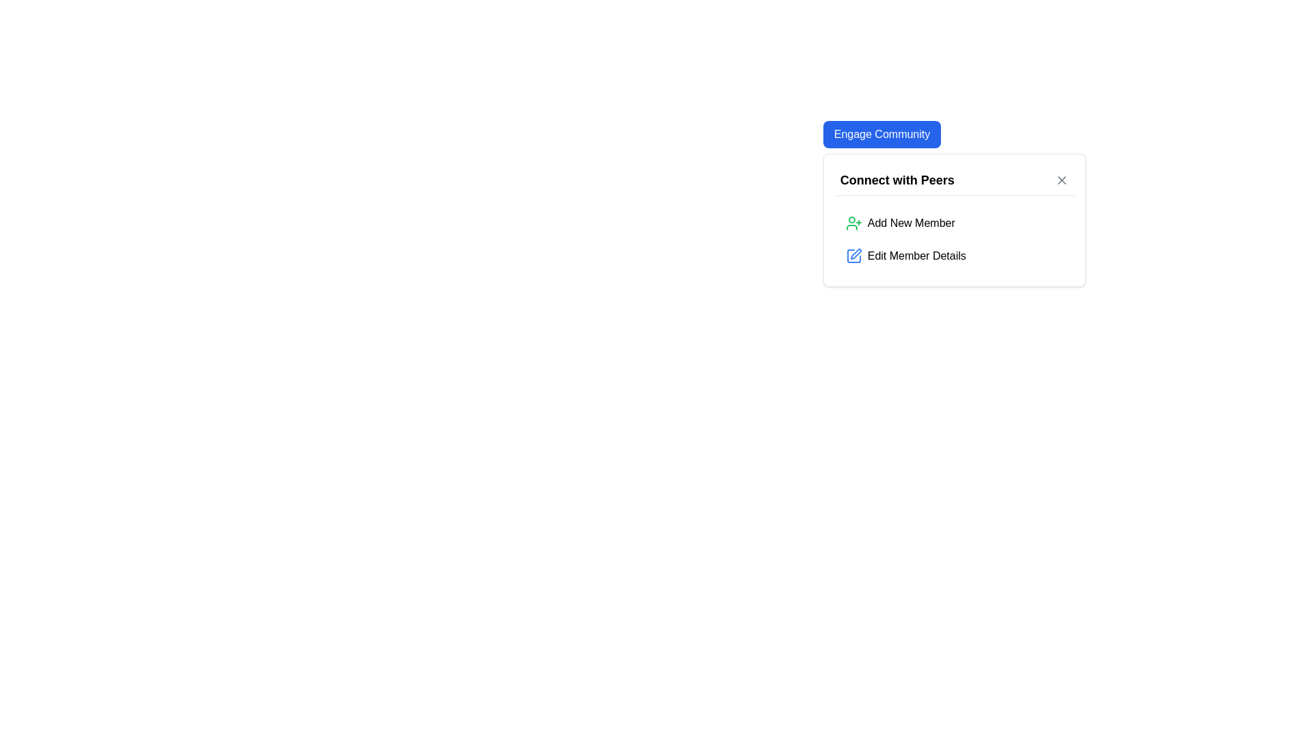 Image resolution: width=1313 pixels, height=738 pixels. Describe the element at coordinates (910, 223) in the screenshot. I see `the 'Add New Member' text label, which is displayed in bold font and is the first item in the 'Connect with Peers' card layout` at that location.